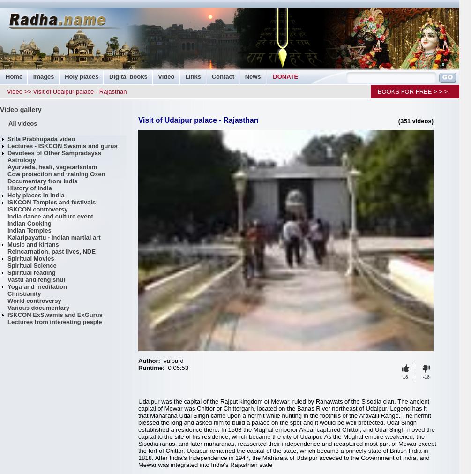 The image size is (471, 474). I want to click on 'Spiritual Movies', so click(30, 258).